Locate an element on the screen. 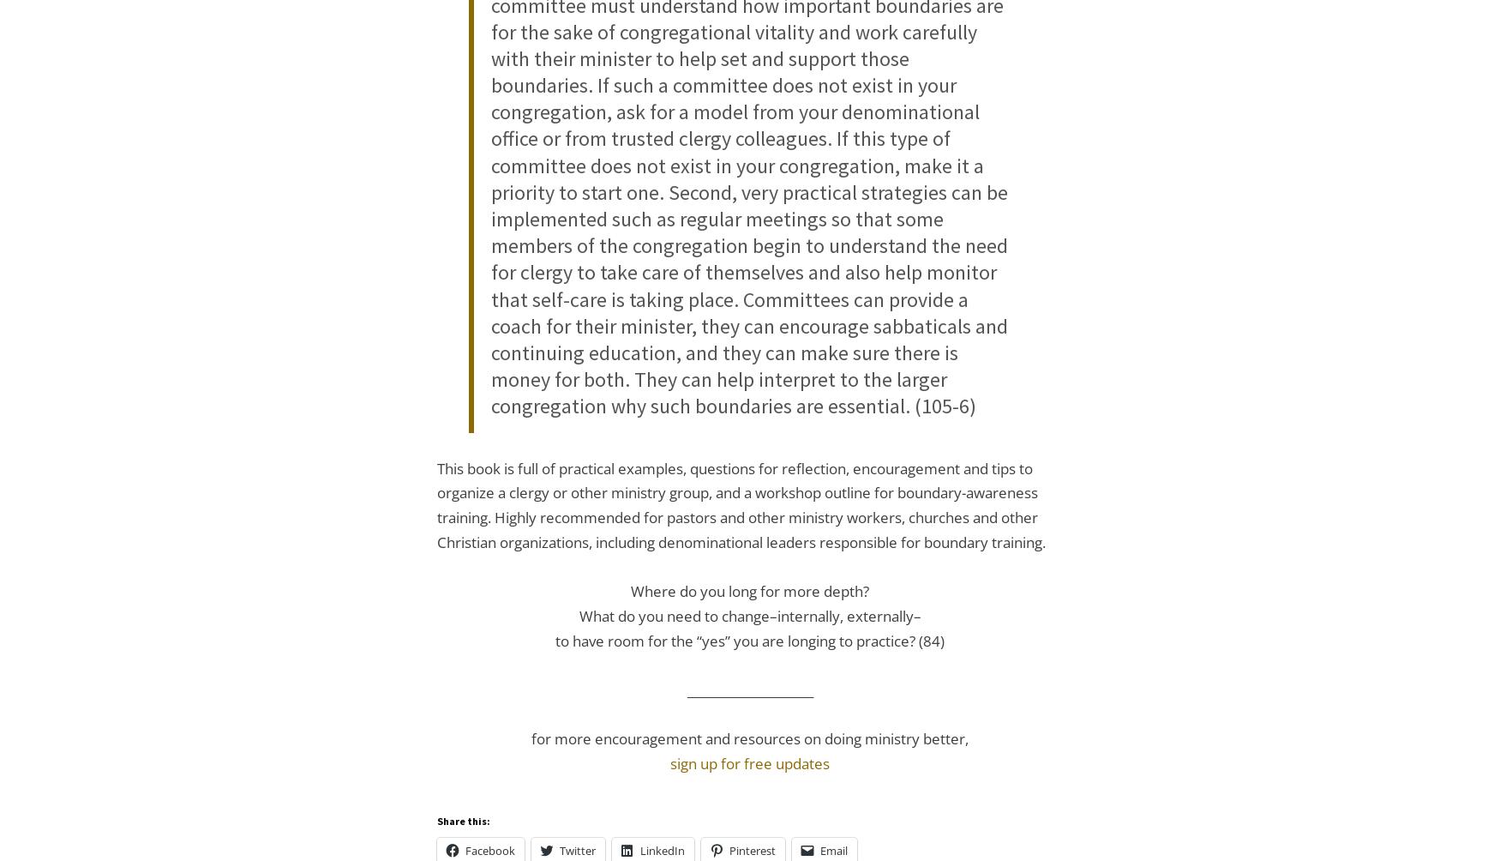  'Twitter' is located at coordinates (576, 849).